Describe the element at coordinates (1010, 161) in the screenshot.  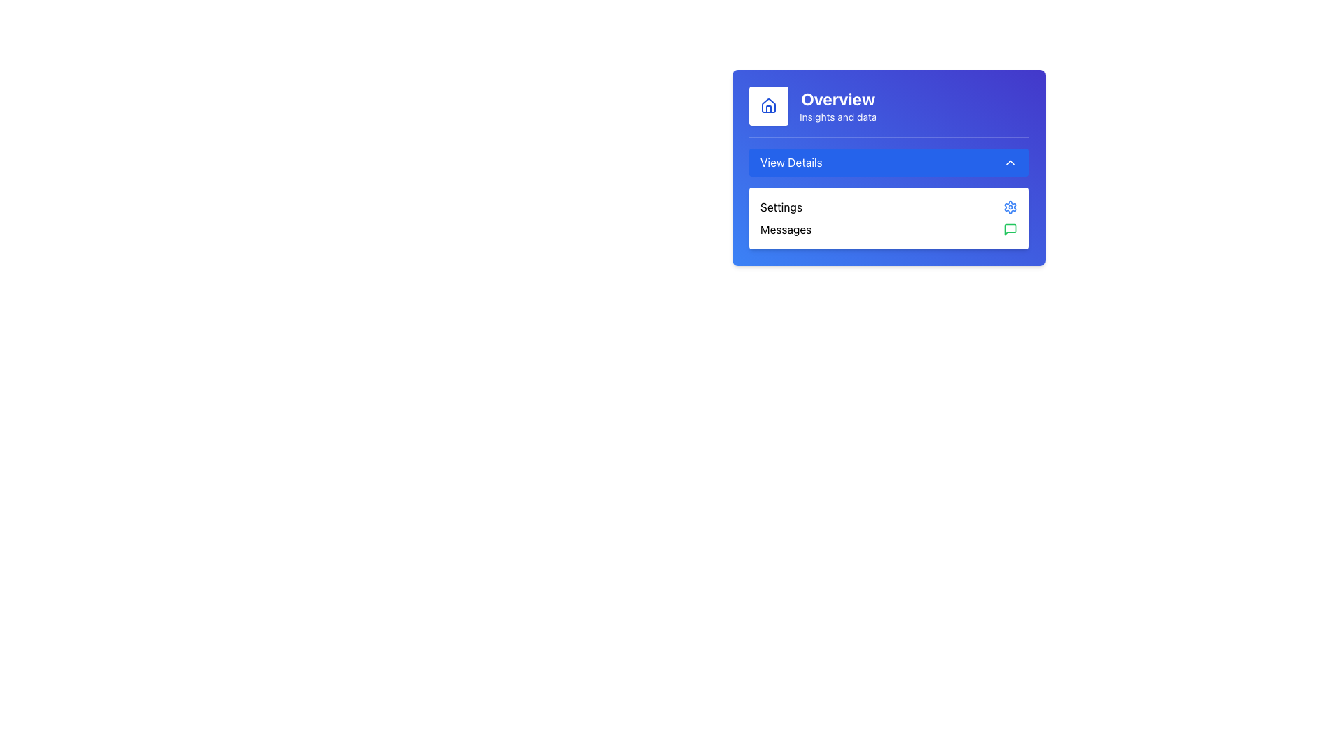
I see `the small, upward-pointing chevron icon located at the far right edge of the 'View Details' button to trigger a visual change` at that location.